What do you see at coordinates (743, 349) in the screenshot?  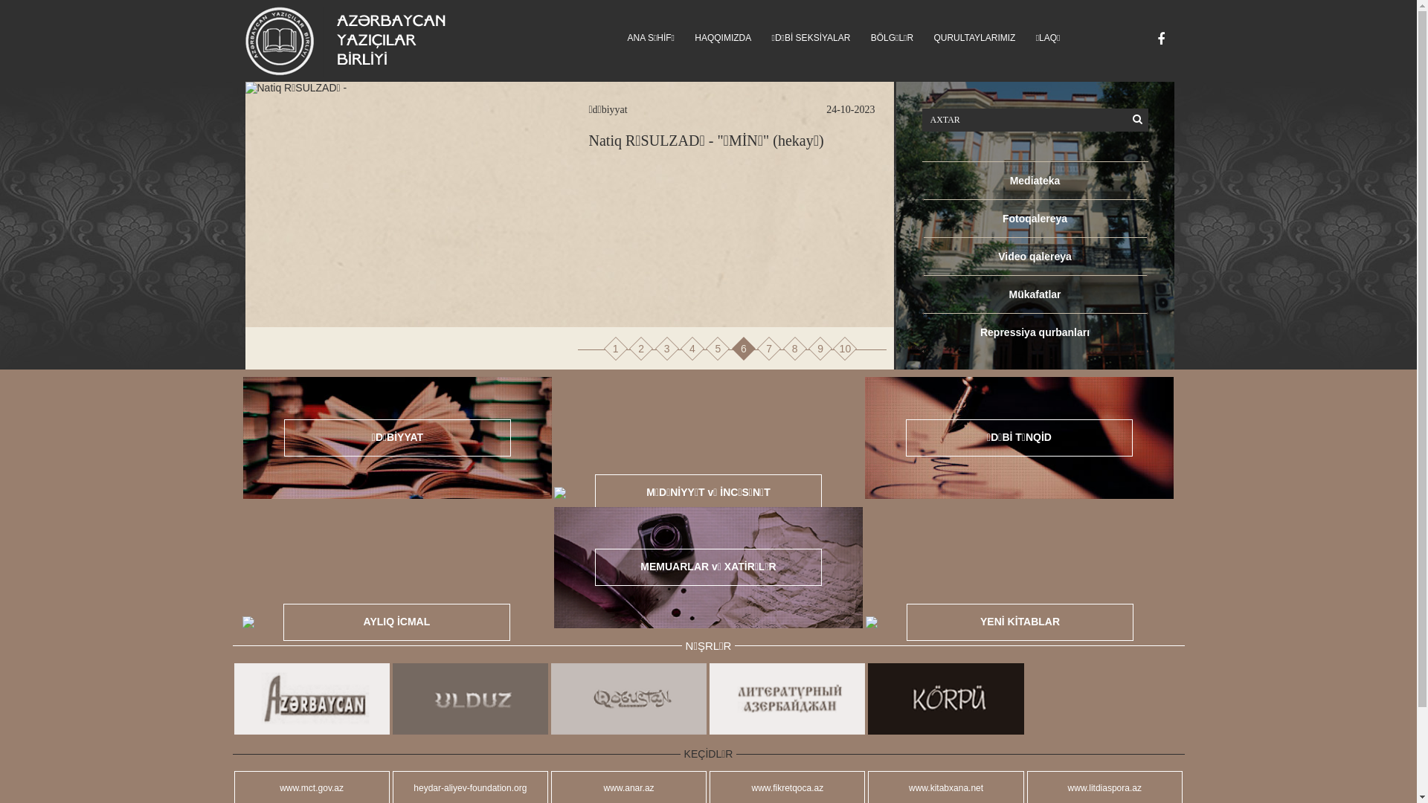 I see `'6'` at bounding box center [743, 349].